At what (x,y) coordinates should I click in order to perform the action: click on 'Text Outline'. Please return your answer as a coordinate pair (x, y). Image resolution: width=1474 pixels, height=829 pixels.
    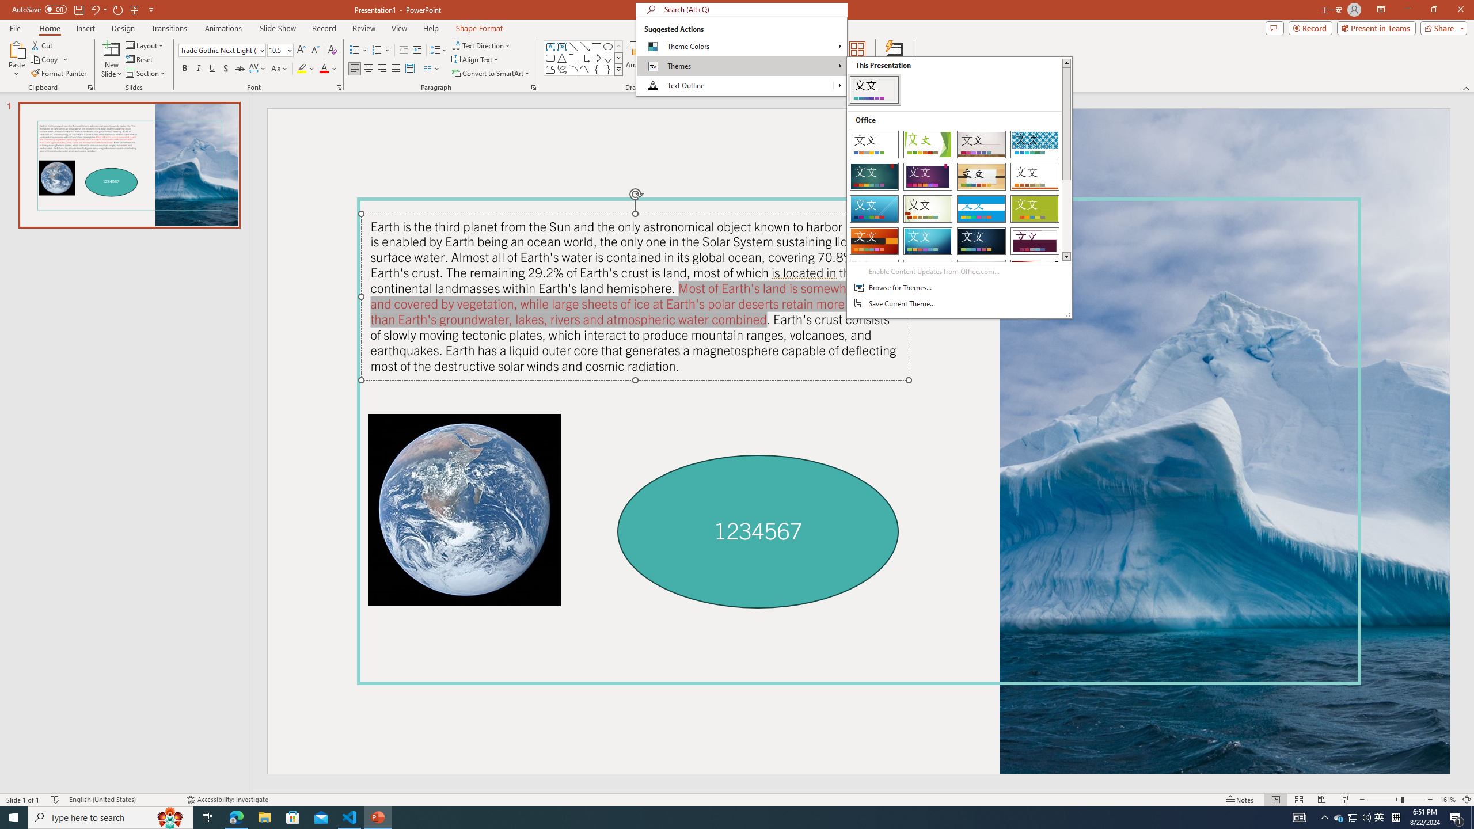
    Looking at the image, I should click on (734, 86).